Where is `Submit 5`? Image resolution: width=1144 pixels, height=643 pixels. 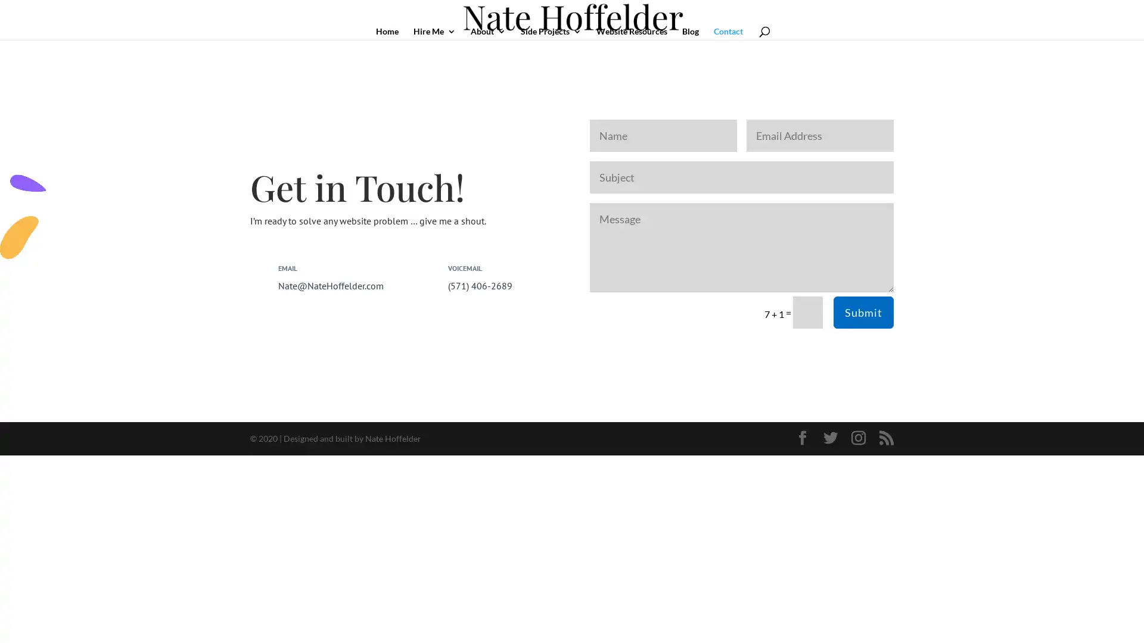
Submit 5 is located at coordinates (863, 311).